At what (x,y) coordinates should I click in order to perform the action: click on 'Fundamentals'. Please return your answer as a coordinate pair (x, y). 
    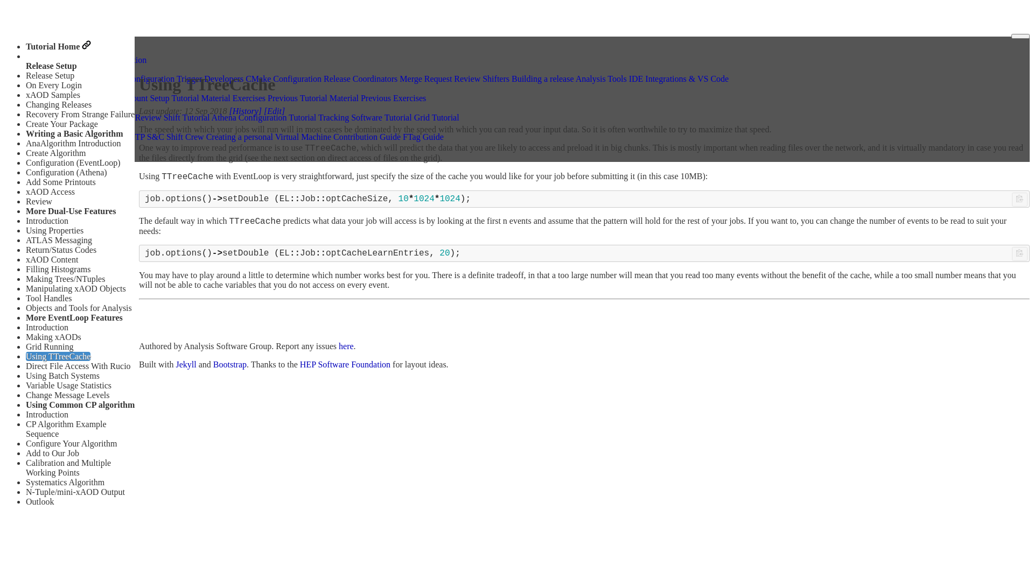
    Looking at the image, I should click on (93, 98).